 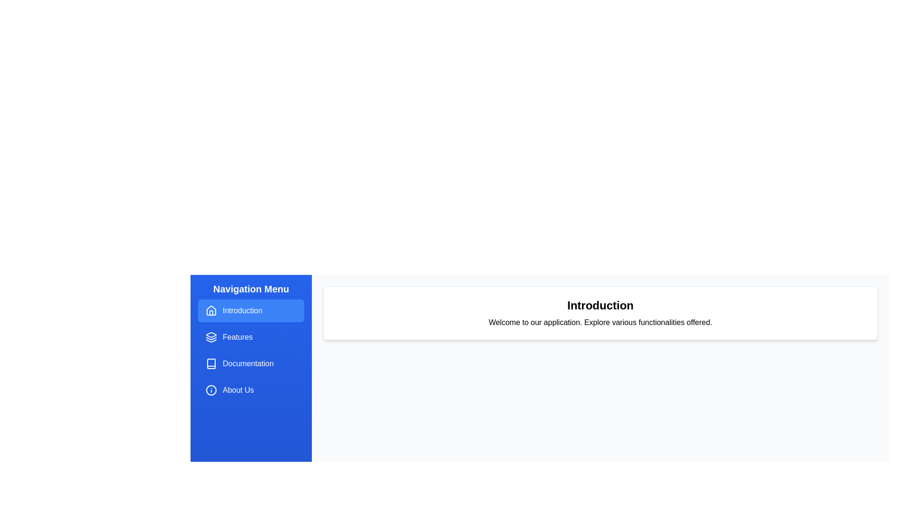 I want to click on the navigational button located in the left-hand side menu, which is the second item below 'Introduction' and above 'Documentation', so click(x=251, y=337).